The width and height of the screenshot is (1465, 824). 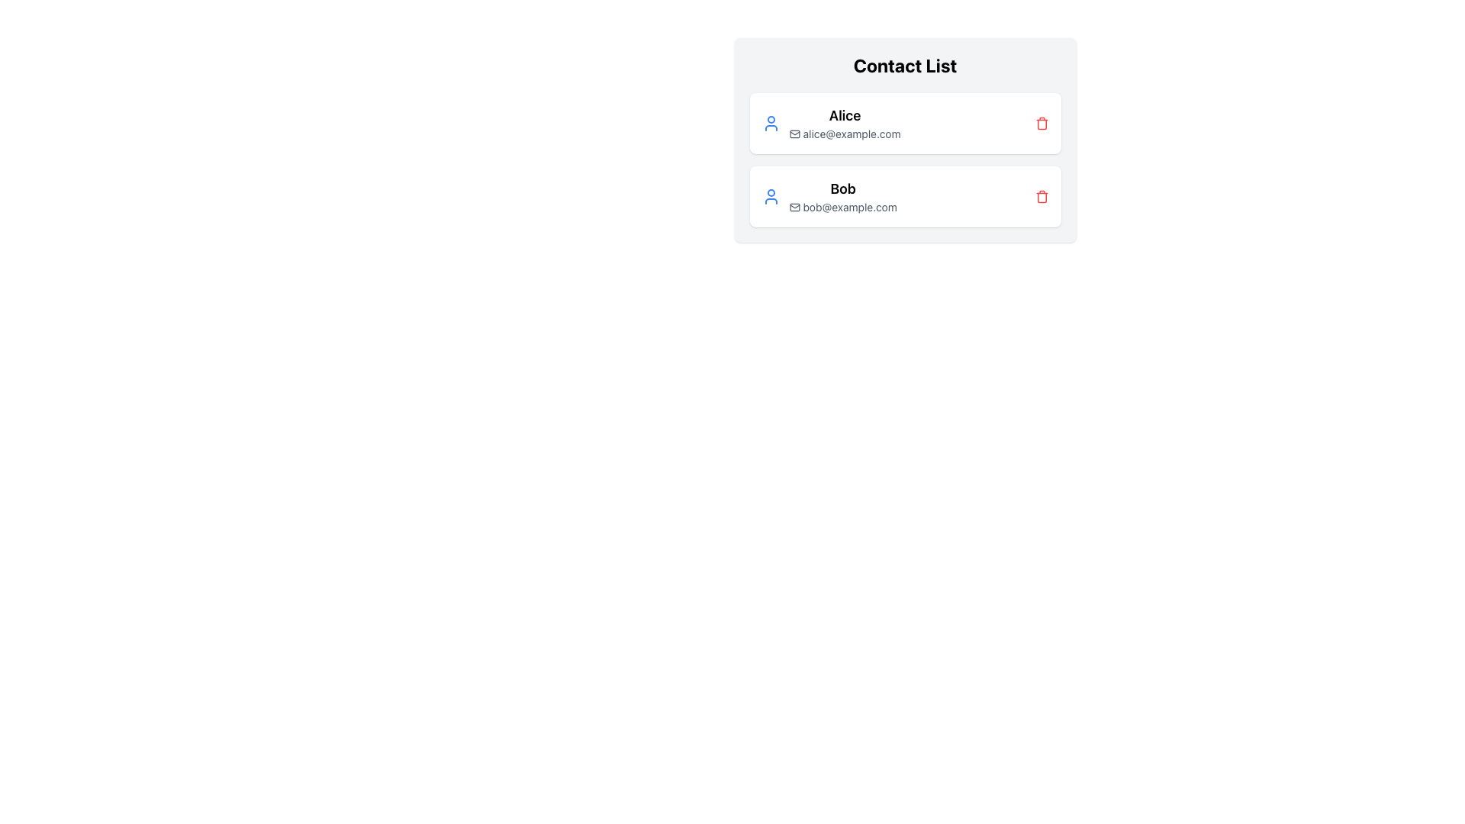 What do you see at coordinates (842, 196) in the screenshot?
I see `the text block displaying 'Bob' and 'bob@example.com', which is the second entry in the contact list below 'Alice'` at bounding box center [842, 196].